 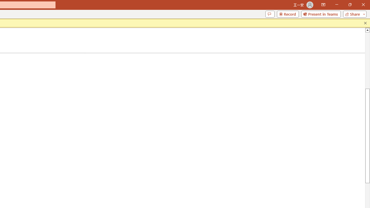 I want to click on 'Restore Down', so click(x=349, y=5).